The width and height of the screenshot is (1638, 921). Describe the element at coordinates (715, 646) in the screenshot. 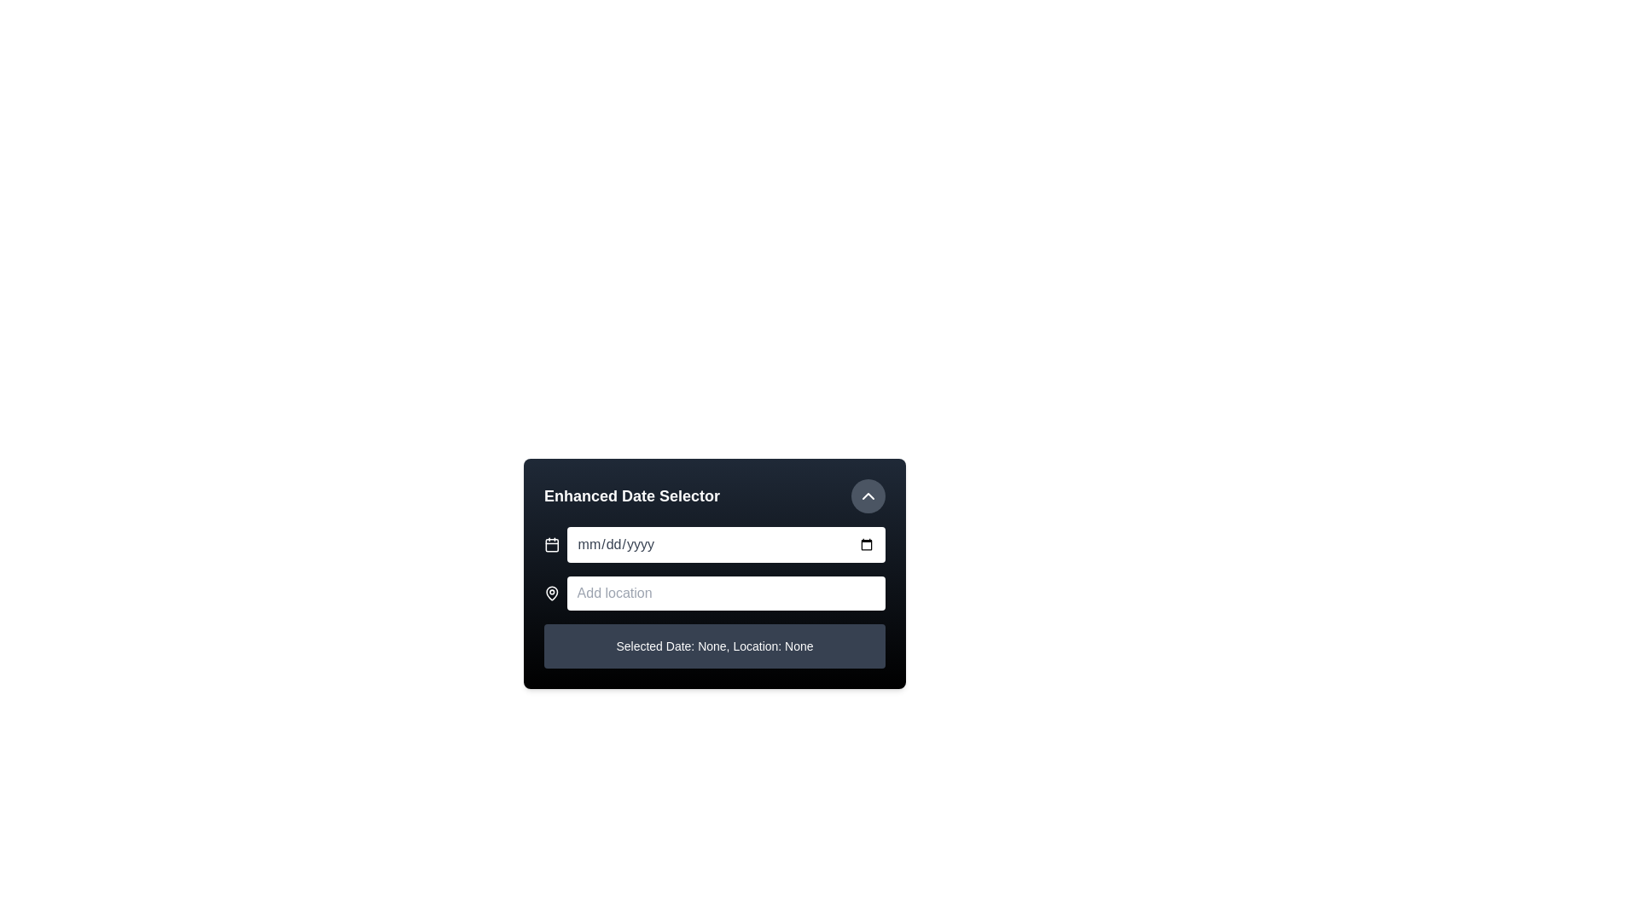

I see `the Static Information Display Box, which has a dark gray background and displays the text 'Selected Date: None, Location: None'` at that location.